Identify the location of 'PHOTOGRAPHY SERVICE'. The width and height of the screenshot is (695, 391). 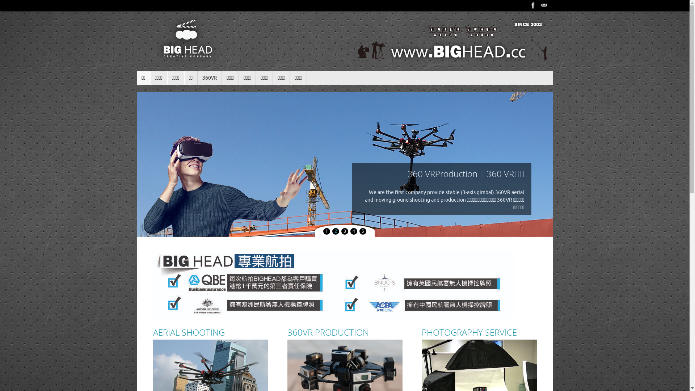
(479, 332).